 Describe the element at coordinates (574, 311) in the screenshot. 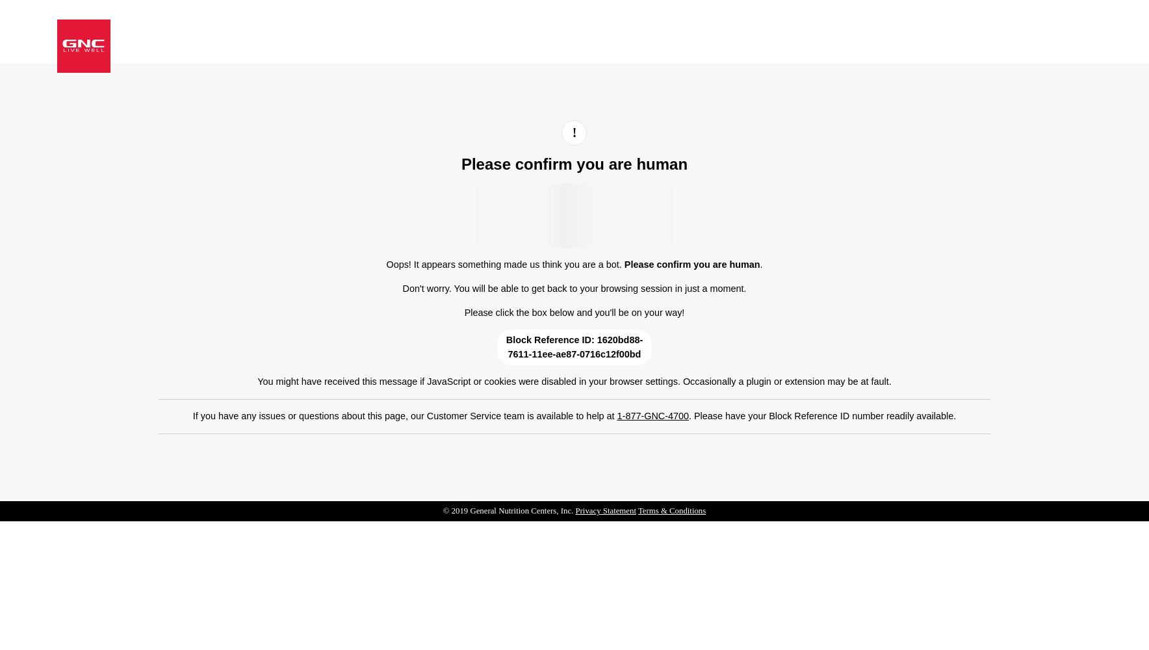

I see `'Please click the box below and you'll be on your way!'` at that location.